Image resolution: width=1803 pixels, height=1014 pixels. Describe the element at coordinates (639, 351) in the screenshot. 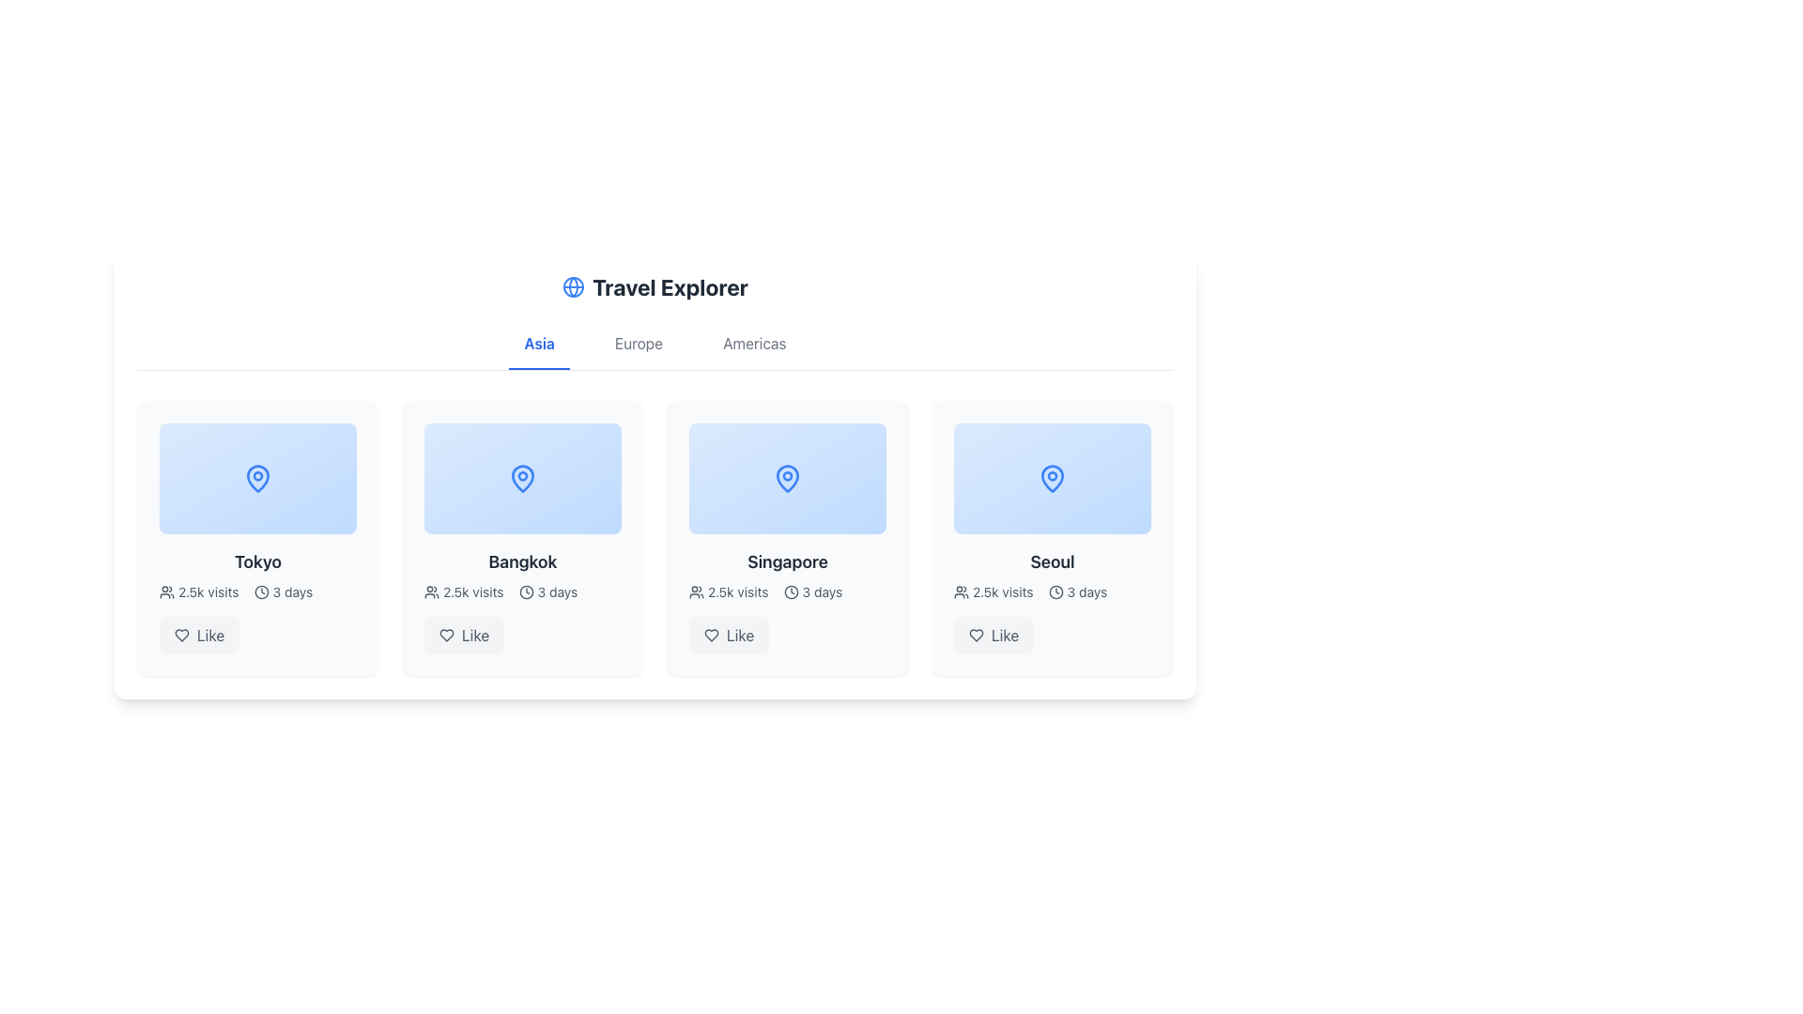

I see `the 'Europe' navigation tab button located in the navigation bar below the 'Travel Explorer' title` at that location.